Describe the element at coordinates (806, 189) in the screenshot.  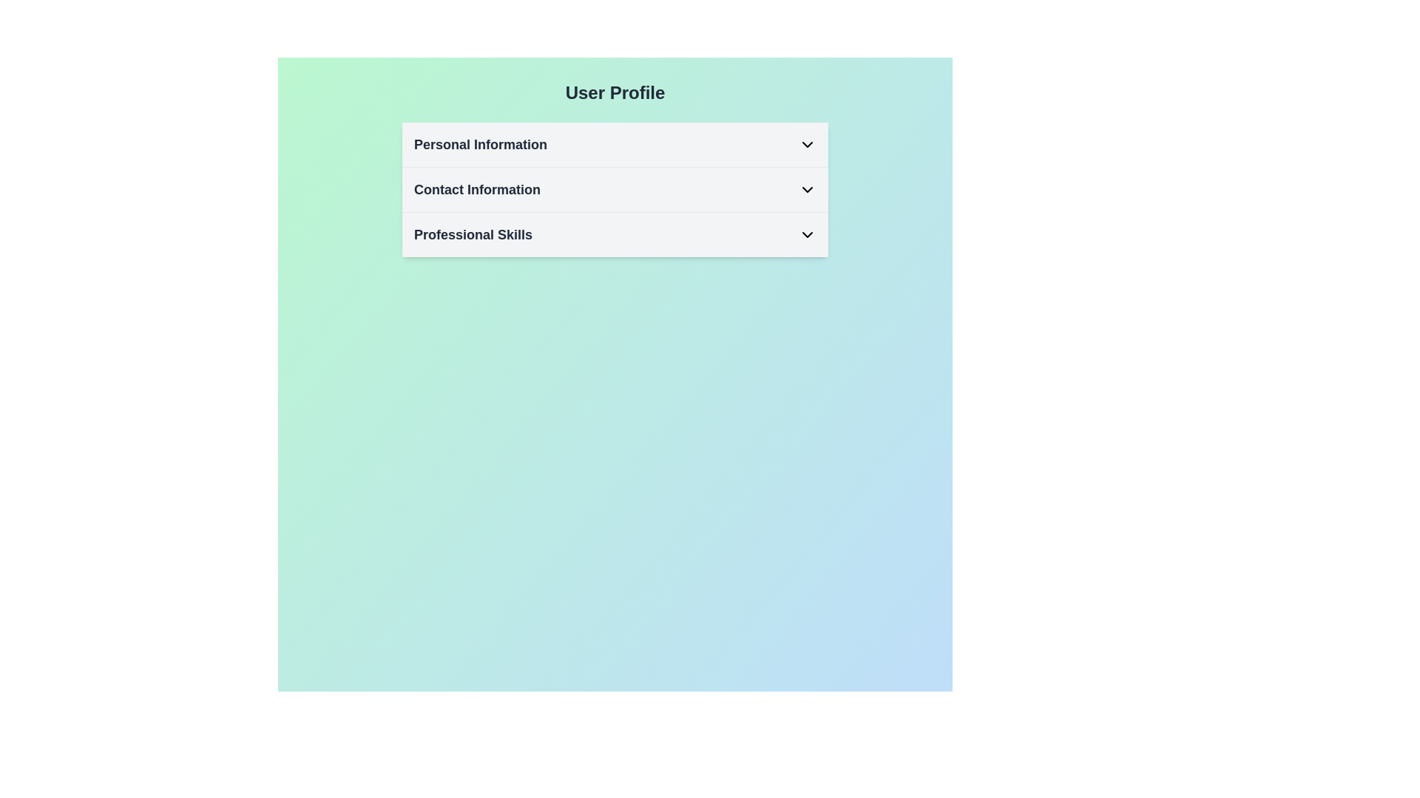
I see `the chevron-down icon` at that location.